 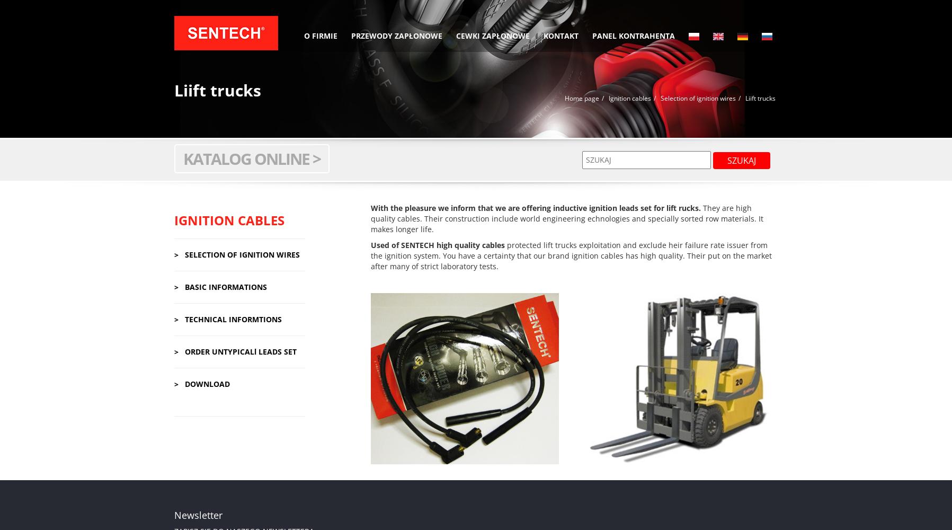 What do you see at coordinates (320, 35) in the screenshot?
I see `'O Firmie'` at bounding box center [320, 35].